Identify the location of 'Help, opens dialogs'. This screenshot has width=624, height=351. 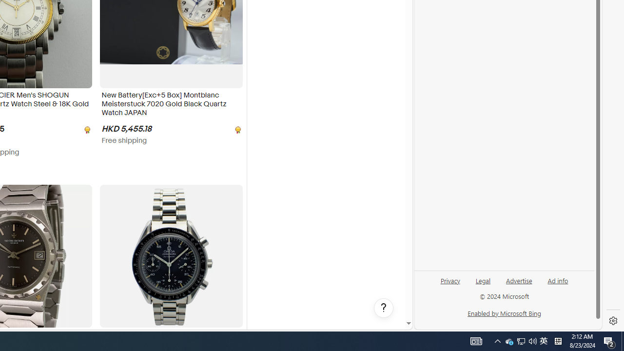
(383, 308).